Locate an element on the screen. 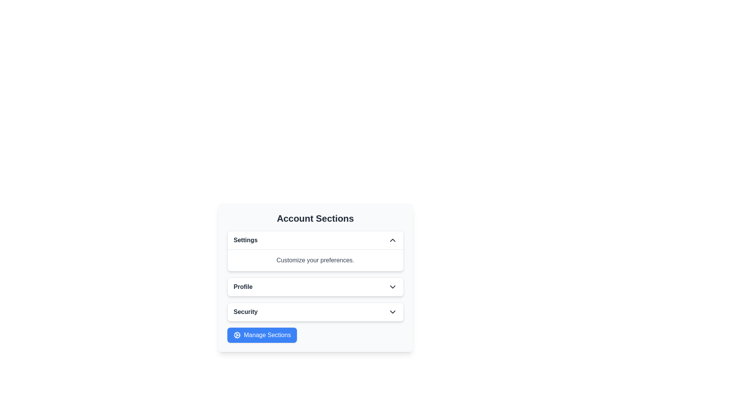 The height and width of the screenshot is (410, 730). descriptive text label located centrally below the 'Settings' title in the 'Account Sections' menu is located at coordinates (315, 260).